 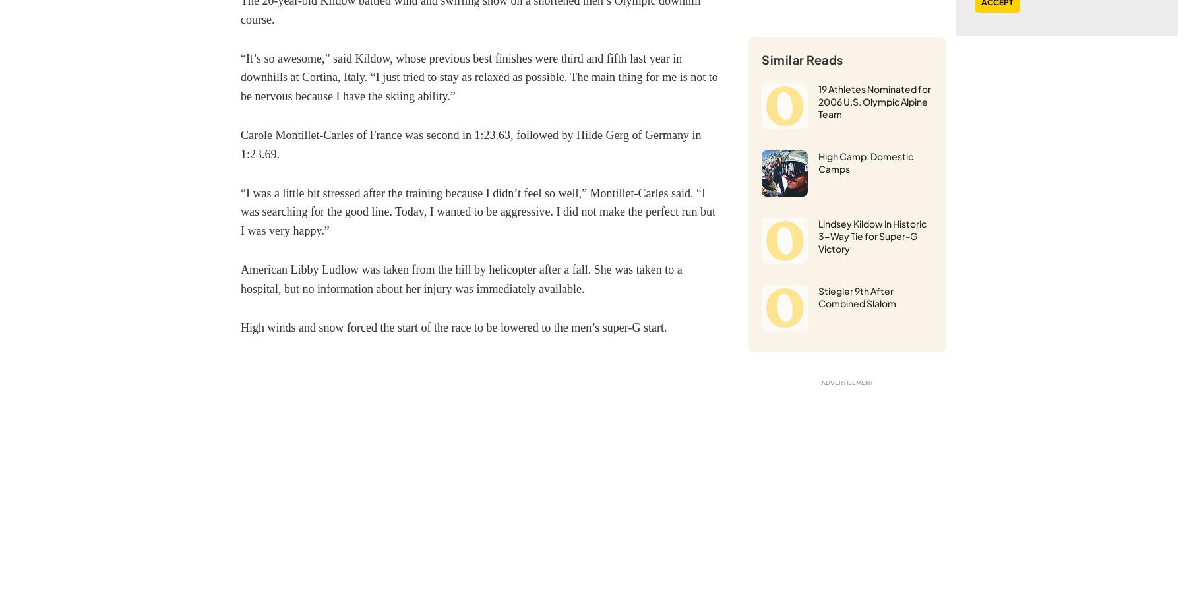 What do you see at coordinates (874, 100) in the screenshot?
I see `'19 Athletes Nominated for 2006 U.S. Olympic Alpine Team'` at bounding box center [874, 100].